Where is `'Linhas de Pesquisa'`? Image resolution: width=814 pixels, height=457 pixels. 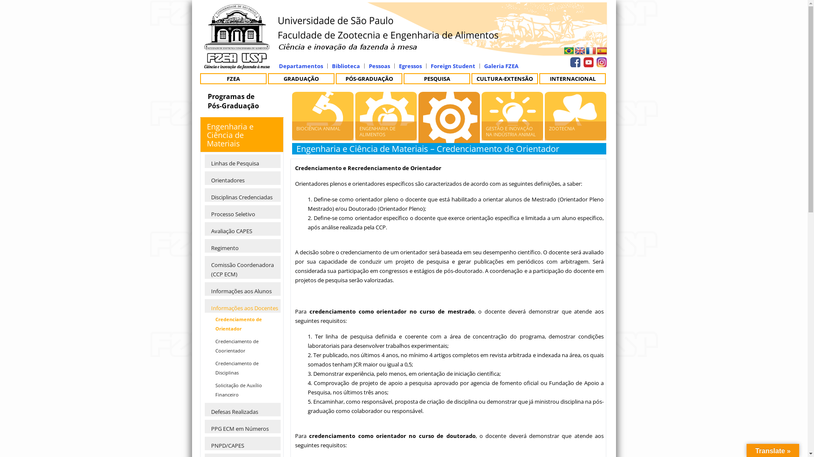 'Linhas de Pesquisa' is located at coordinates (242, 161).